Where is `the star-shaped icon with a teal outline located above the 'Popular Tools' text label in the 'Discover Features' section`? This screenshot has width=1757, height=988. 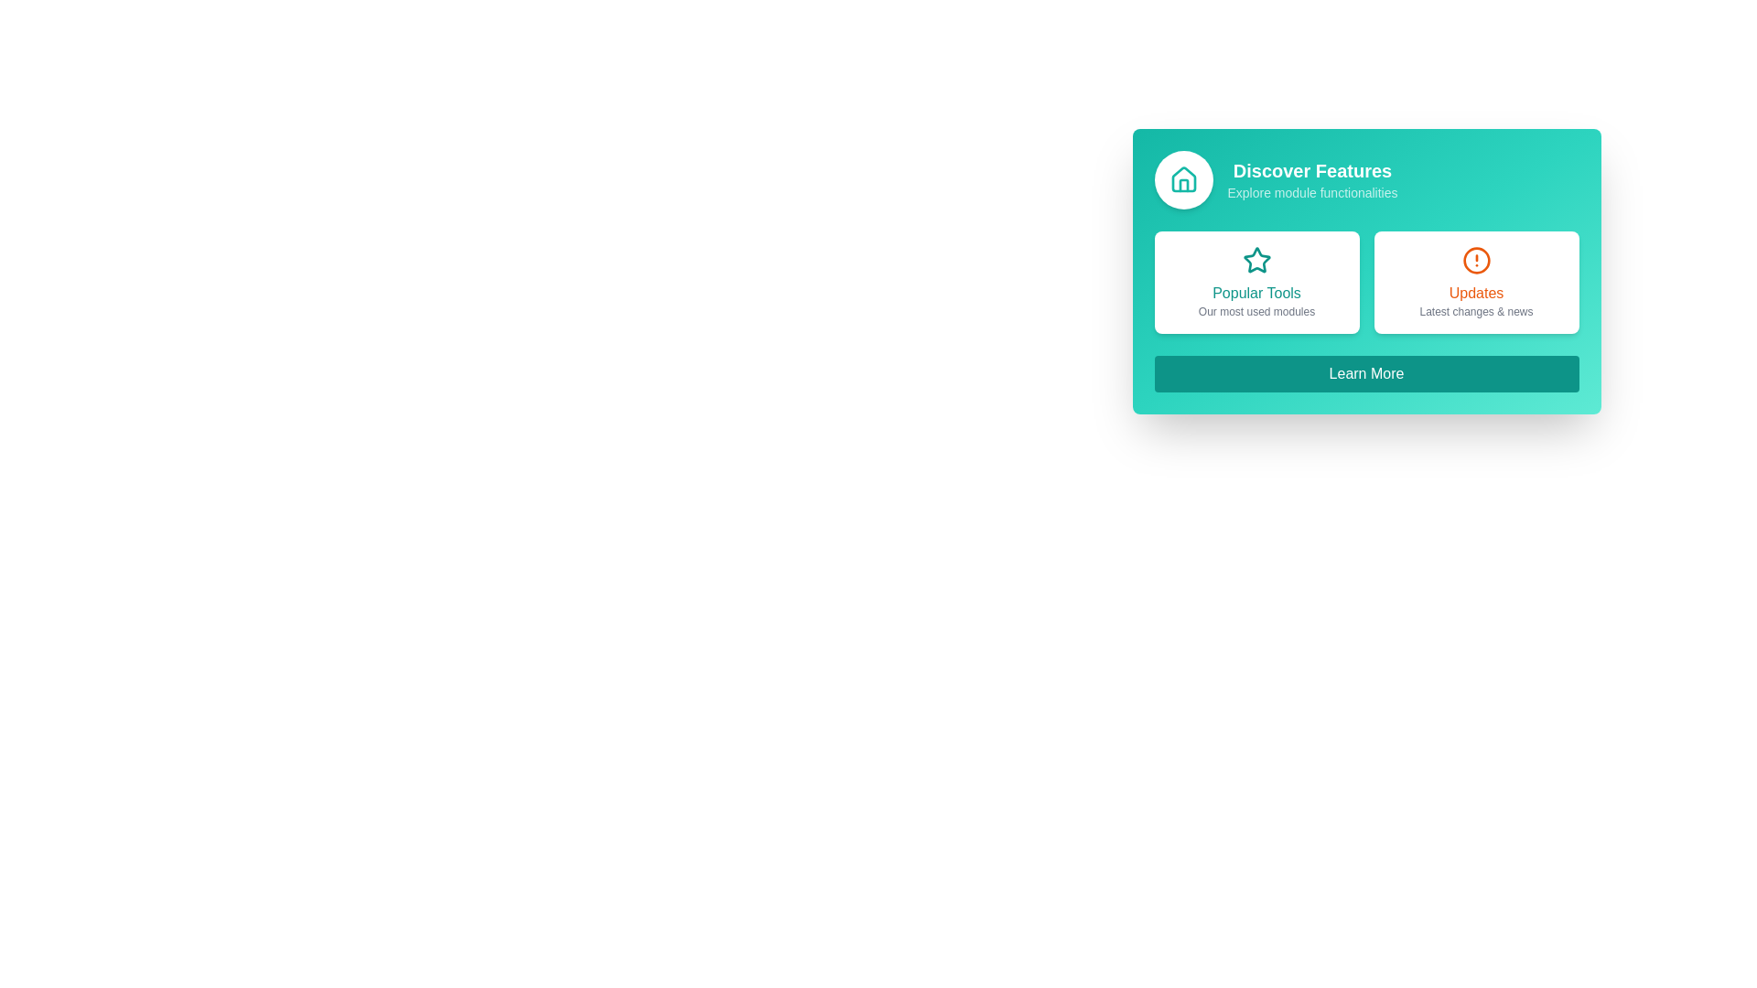
the star-shaped icon with a teal outline located above the 'Popular Tools' text label in the 'Discover Features' section is located at coordinates (1256, 261).